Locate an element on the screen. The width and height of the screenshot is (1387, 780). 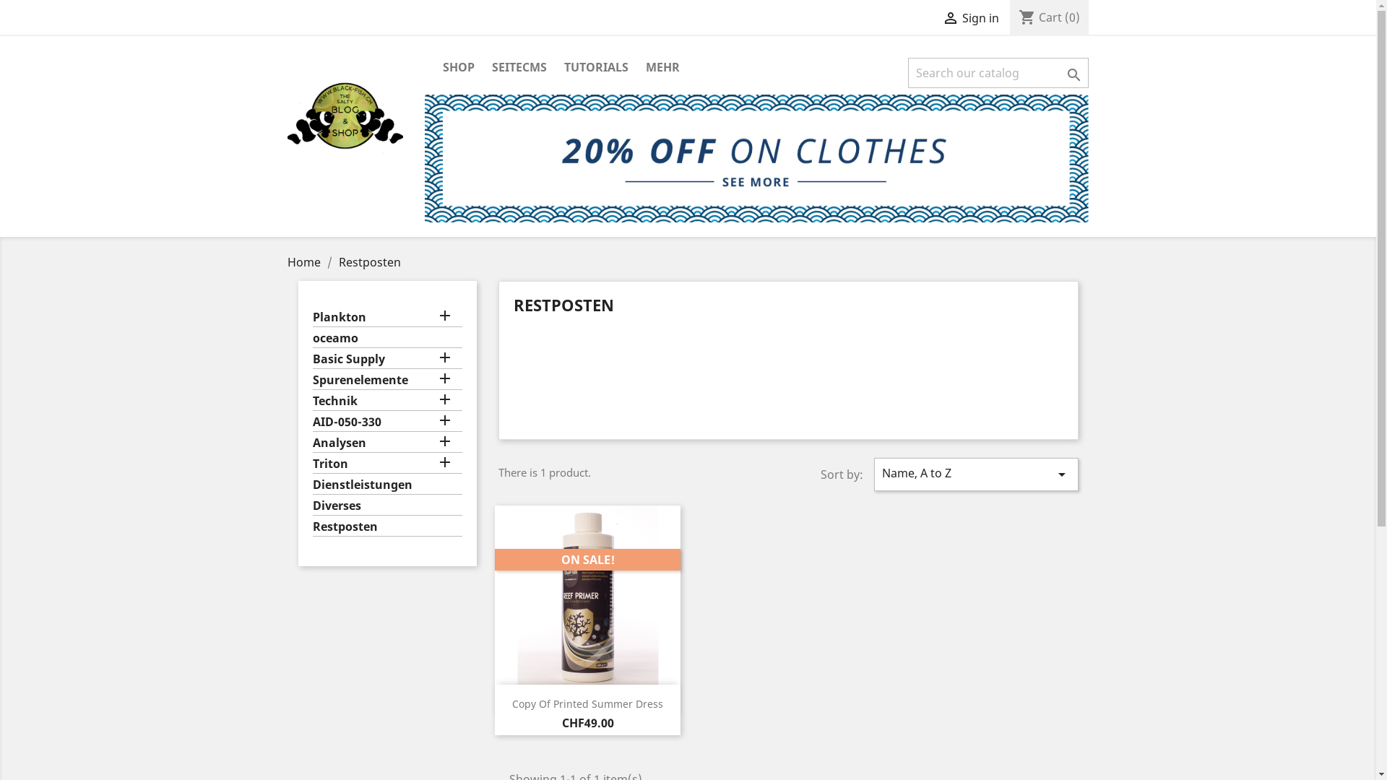
'Plankton' is located at coordinates (387, 317).